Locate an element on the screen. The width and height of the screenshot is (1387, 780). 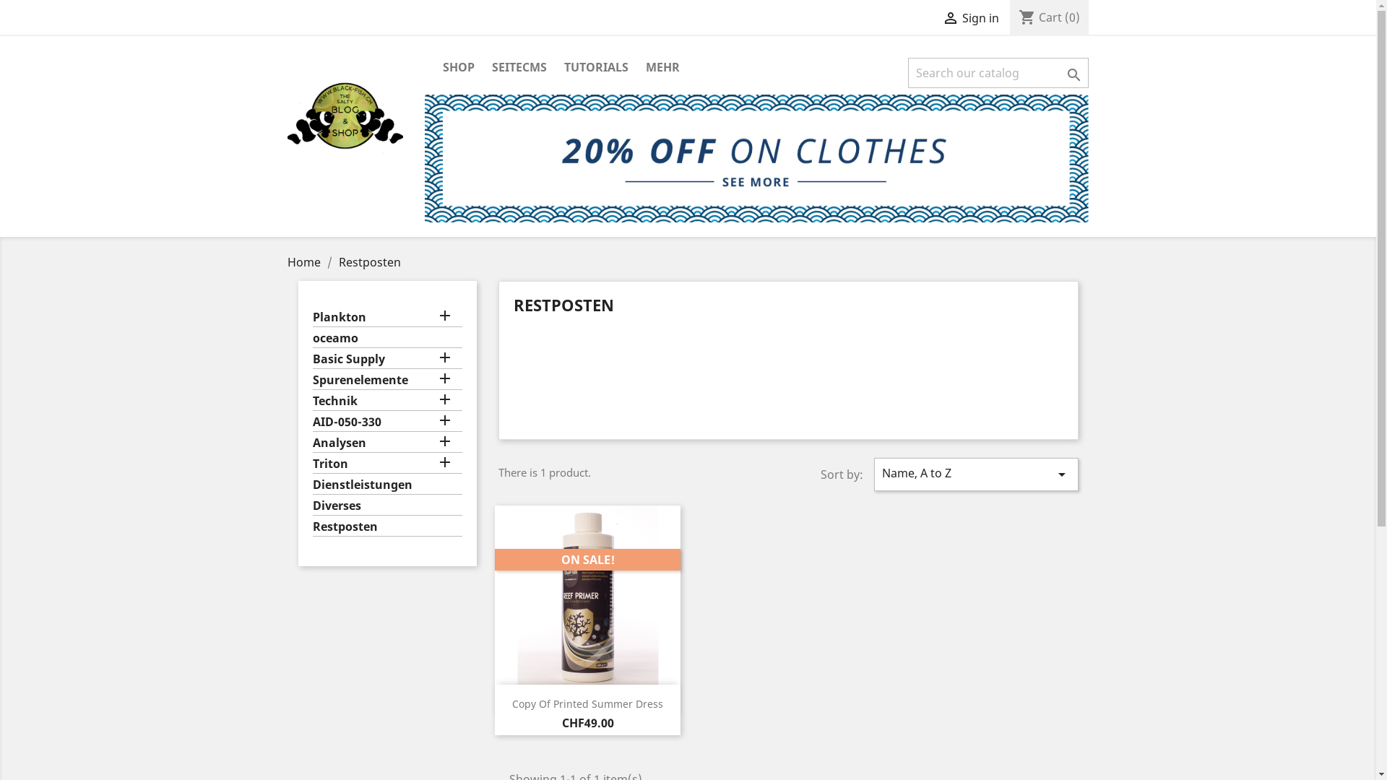
'Plankton' is located at coordinates (387, 317).